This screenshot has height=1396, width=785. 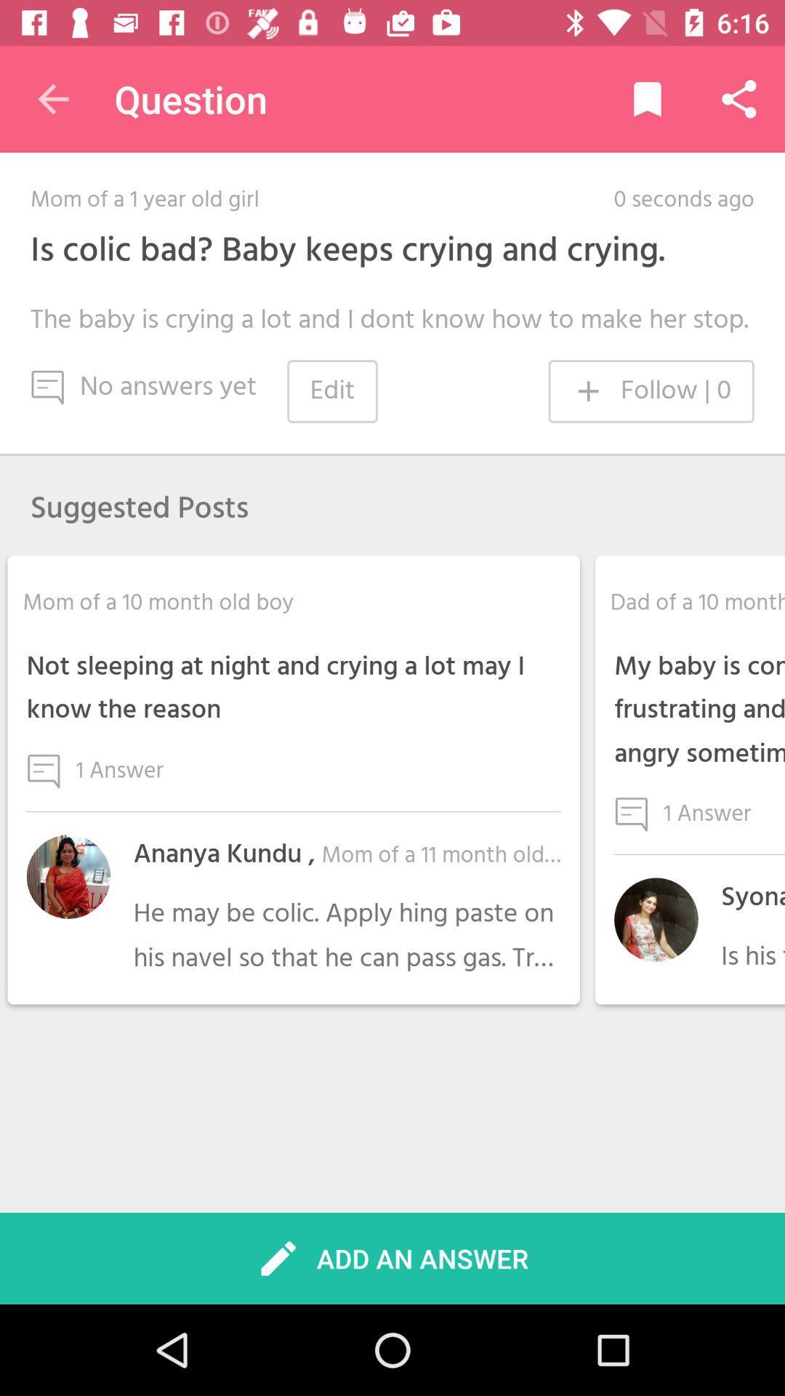 What do you see at coordinates (391, 1258) in the screenshot?
I see `add an answer` at bounding box center [391, 1258].